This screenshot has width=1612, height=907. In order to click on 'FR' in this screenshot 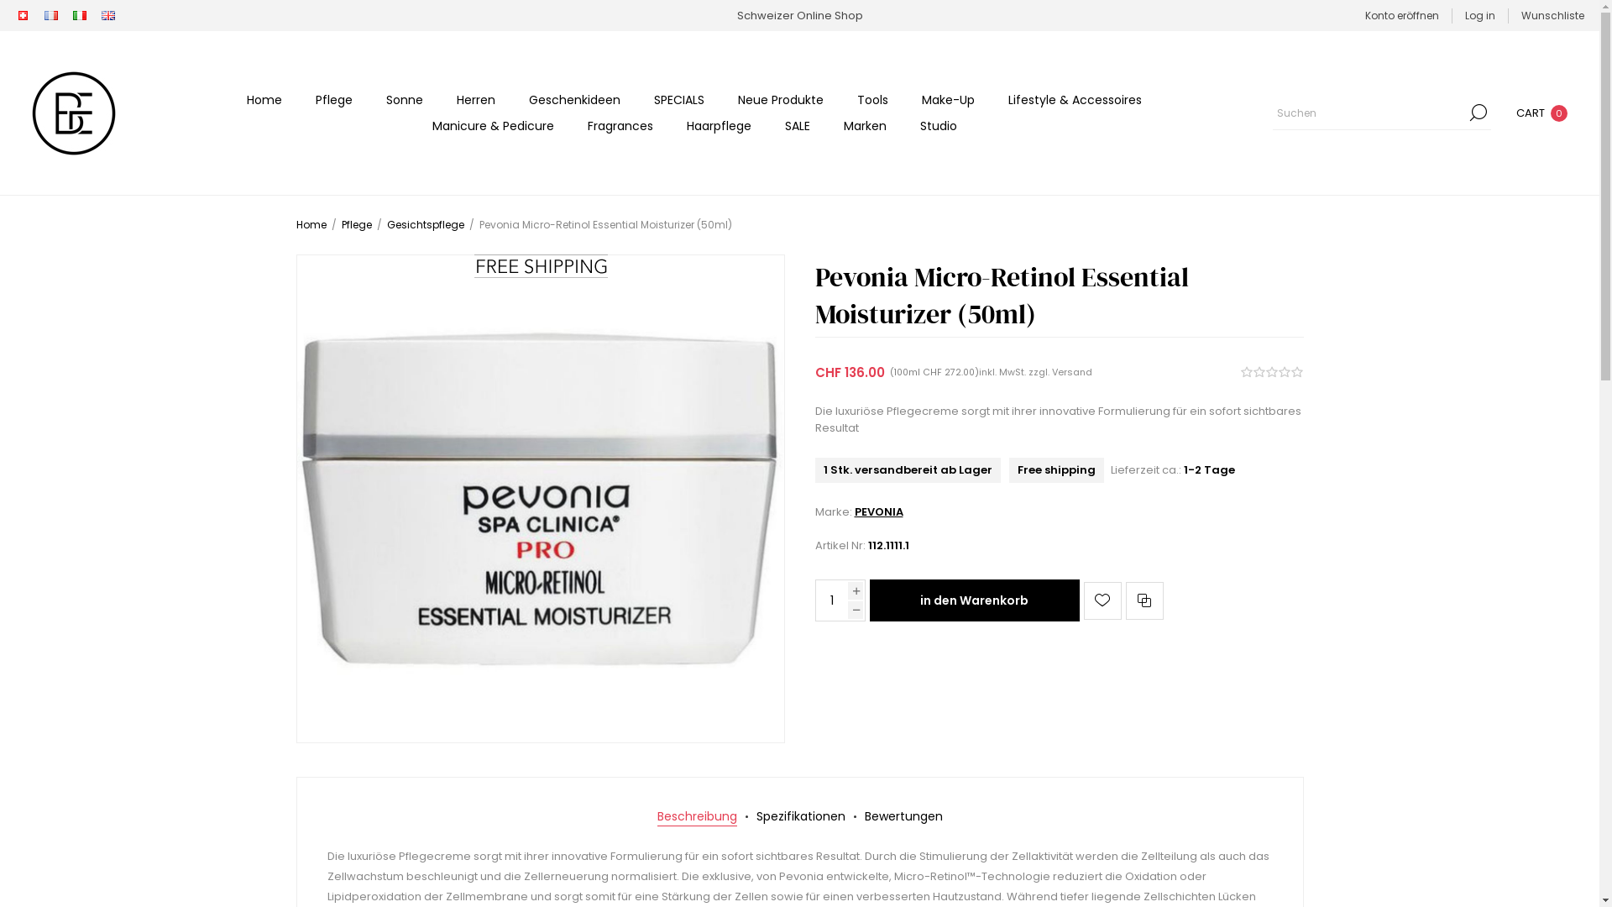, I will do `click(37, 15)`.